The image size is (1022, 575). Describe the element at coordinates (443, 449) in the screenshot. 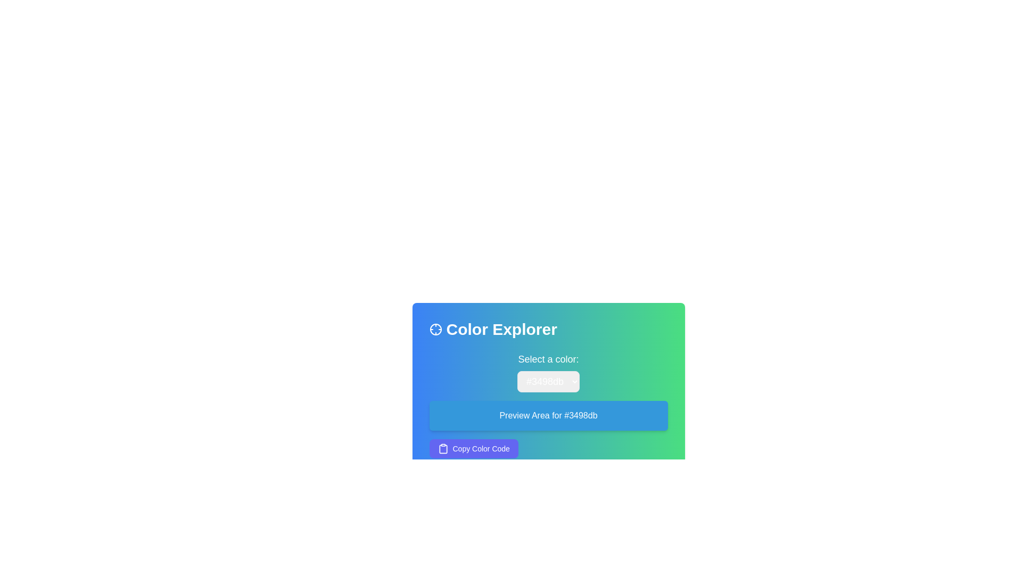

I see `the clipboard icon located inside the 'Copy Color Code' button at the bottom left of the 'Color Explorer' card` at that location.